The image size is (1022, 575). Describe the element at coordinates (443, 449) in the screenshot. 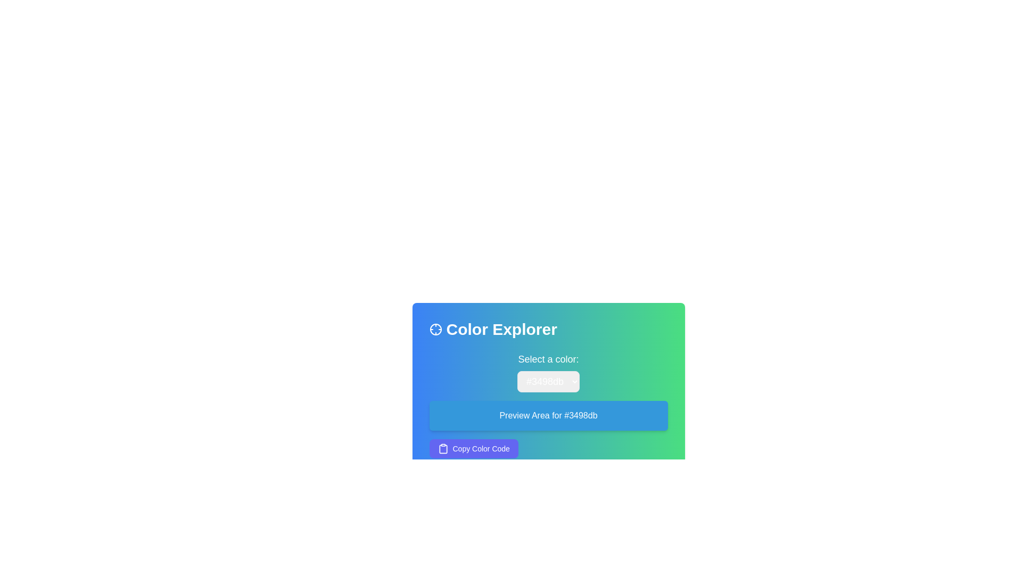

I see `the clipboard icon located inside the 'Copy Color Code' button at the bottom left of the 'Color Explorer' card` at that location.